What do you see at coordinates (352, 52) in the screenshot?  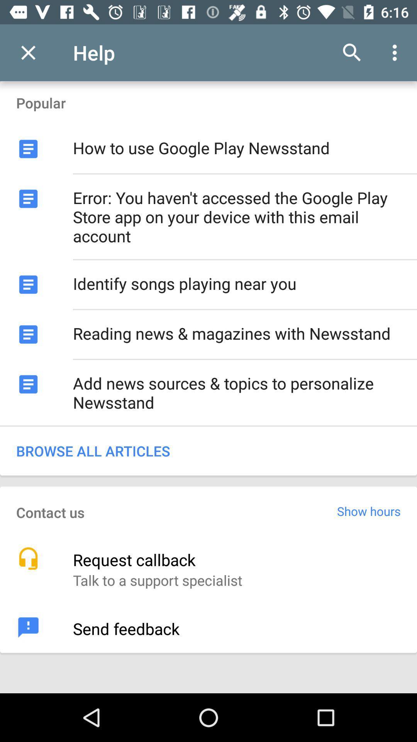 I see `the item above the how to use item` at bounding box center [352, 52].